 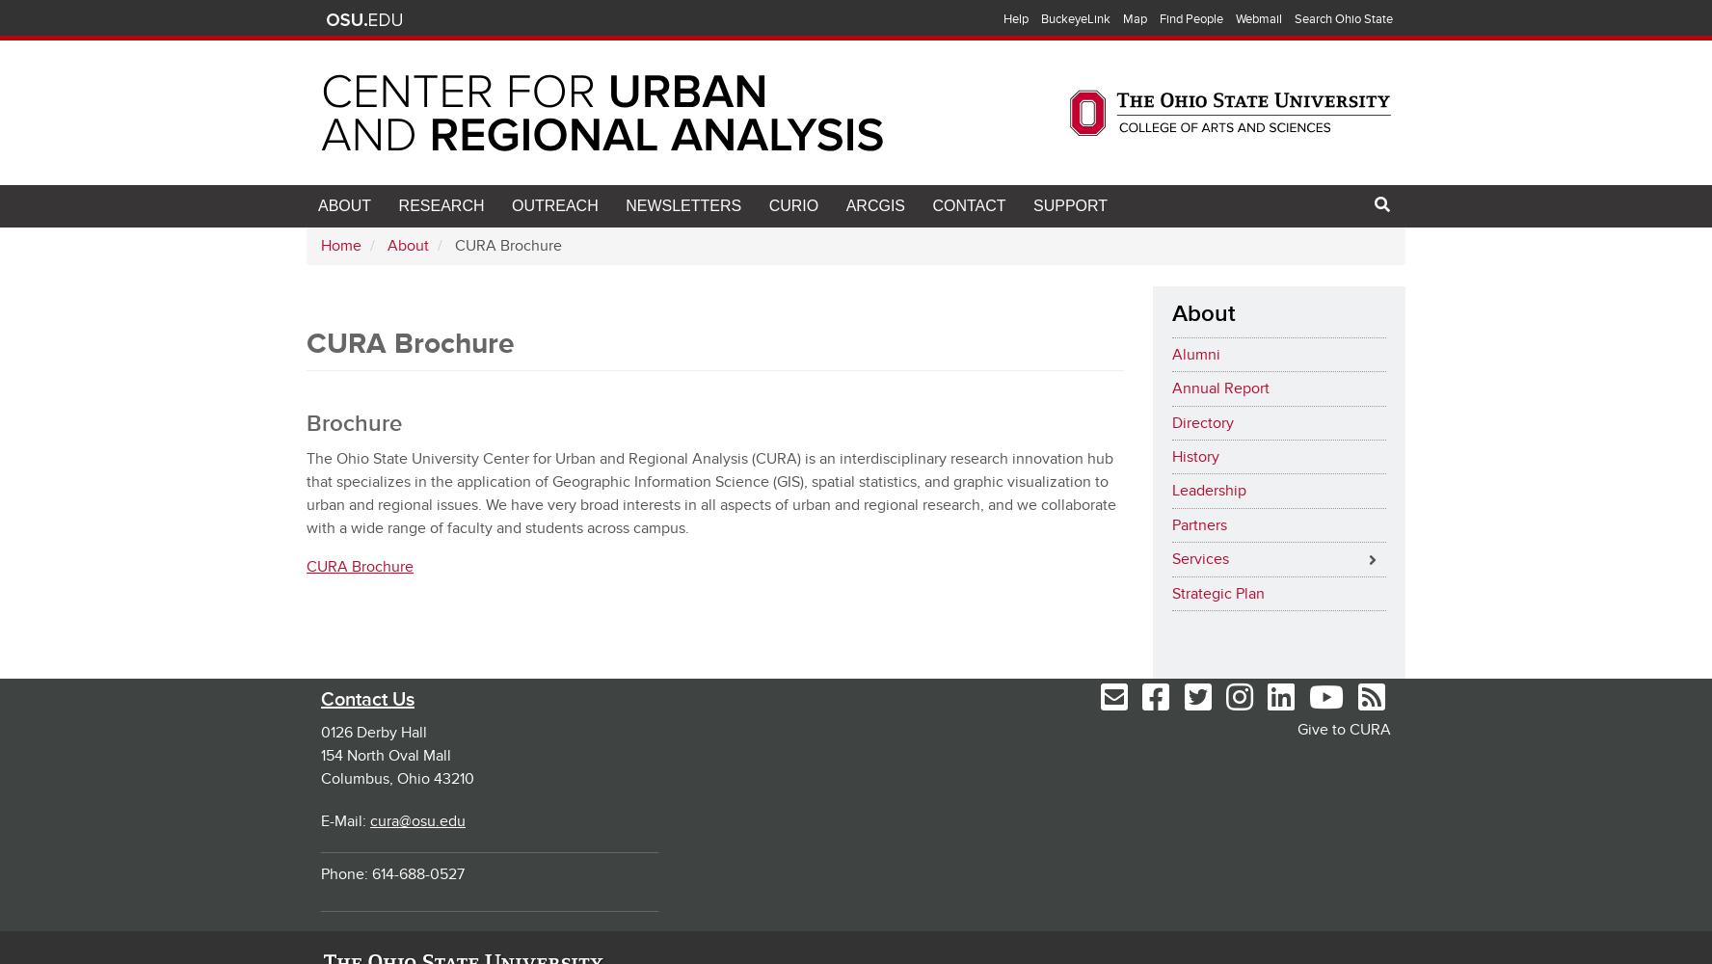 What do you see at coordinates (1200, 422) in the screenshot?
I see `'Directory'` at bounding box center [1200, 422].